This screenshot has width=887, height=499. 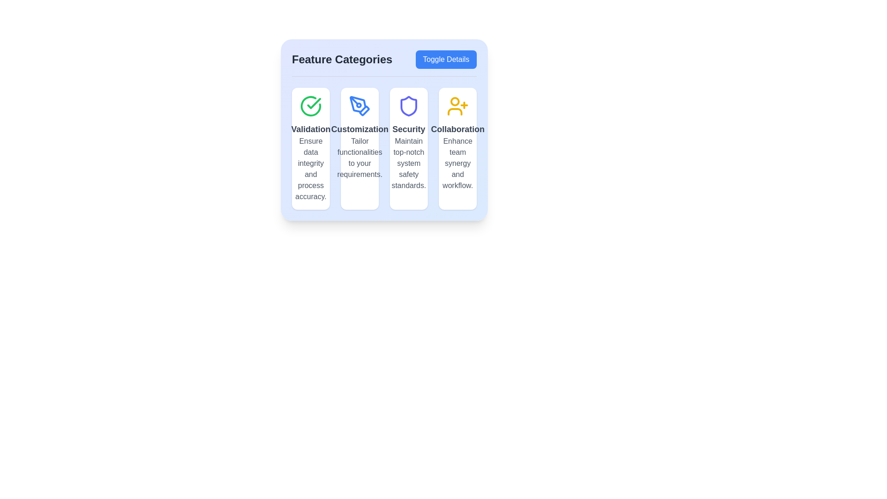 I want to click on descriptive text on the Informational card titled 'Customization', which is the second card in a grid of four cards located in the top row, so click(x=359, y=148).